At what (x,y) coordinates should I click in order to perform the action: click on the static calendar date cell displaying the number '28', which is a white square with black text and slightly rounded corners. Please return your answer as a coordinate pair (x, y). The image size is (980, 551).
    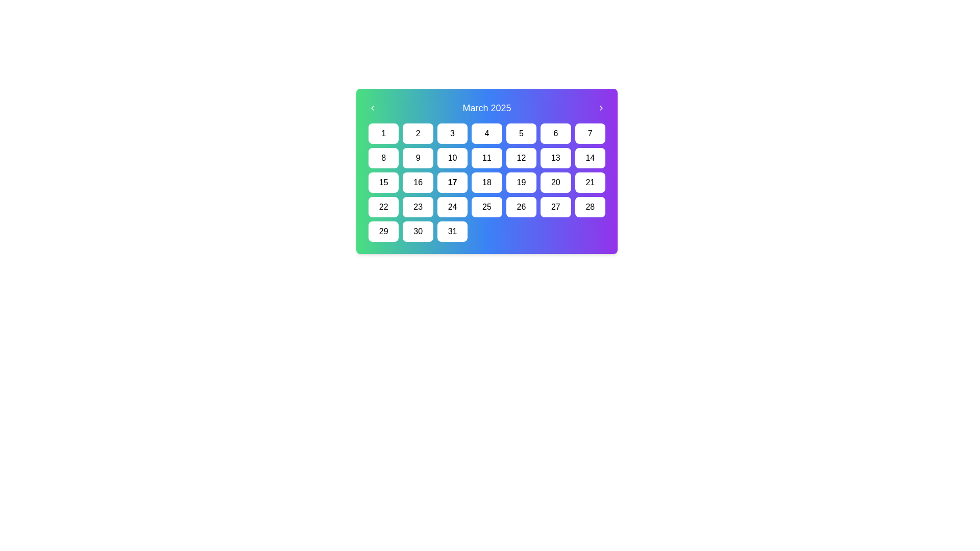
    Looking at the image, I should click on (590, 207).